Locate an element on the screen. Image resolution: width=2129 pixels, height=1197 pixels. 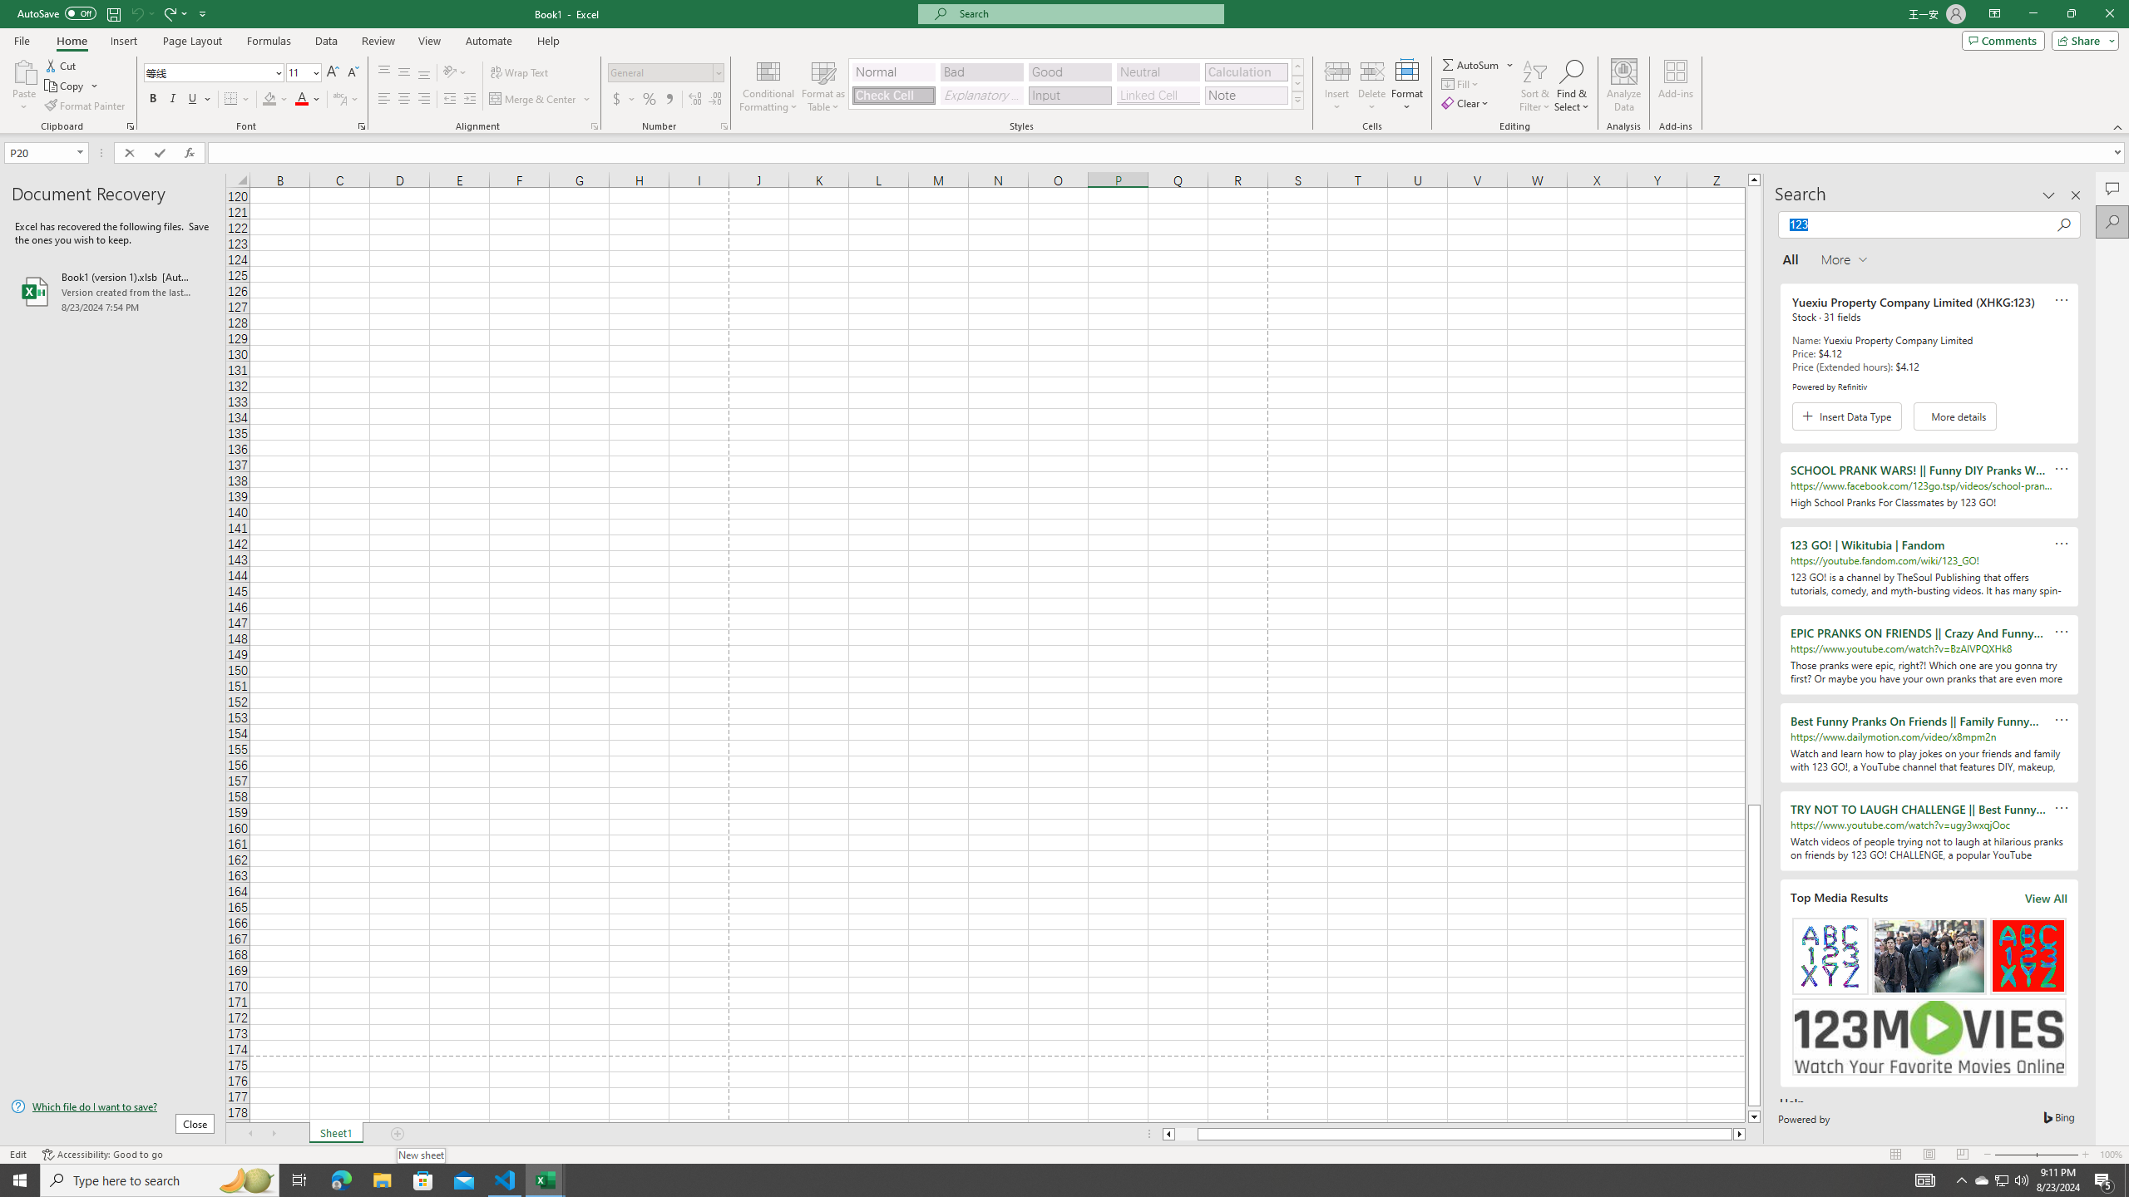
'Cell Styles' is located at coordinates (1297, 99).